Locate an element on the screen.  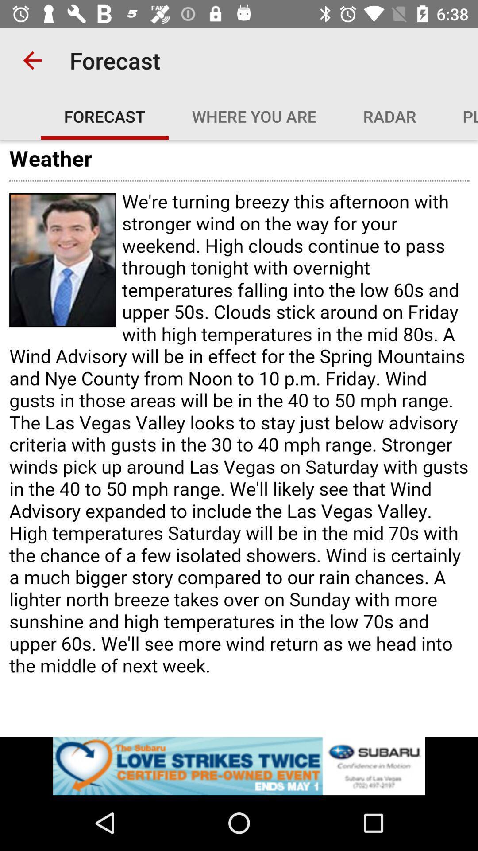
open advertisement for subaru is located at coordinates (239, 765).